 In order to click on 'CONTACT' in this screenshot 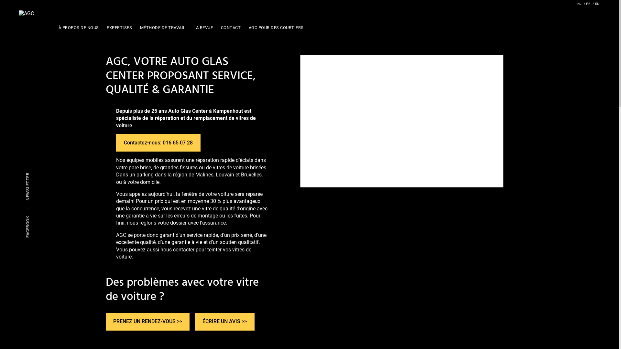, I will do `click(231, 27)`.